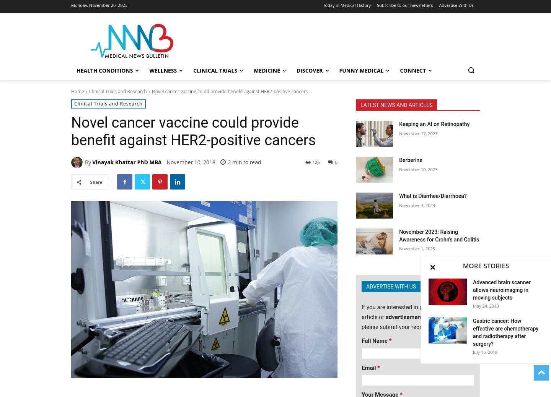 This screenshot has height=397, width=551. What do you see at coordinates (416, 248) in the screenshot?
I see `'November 1, 2023'` at bounding box center [416, 248].